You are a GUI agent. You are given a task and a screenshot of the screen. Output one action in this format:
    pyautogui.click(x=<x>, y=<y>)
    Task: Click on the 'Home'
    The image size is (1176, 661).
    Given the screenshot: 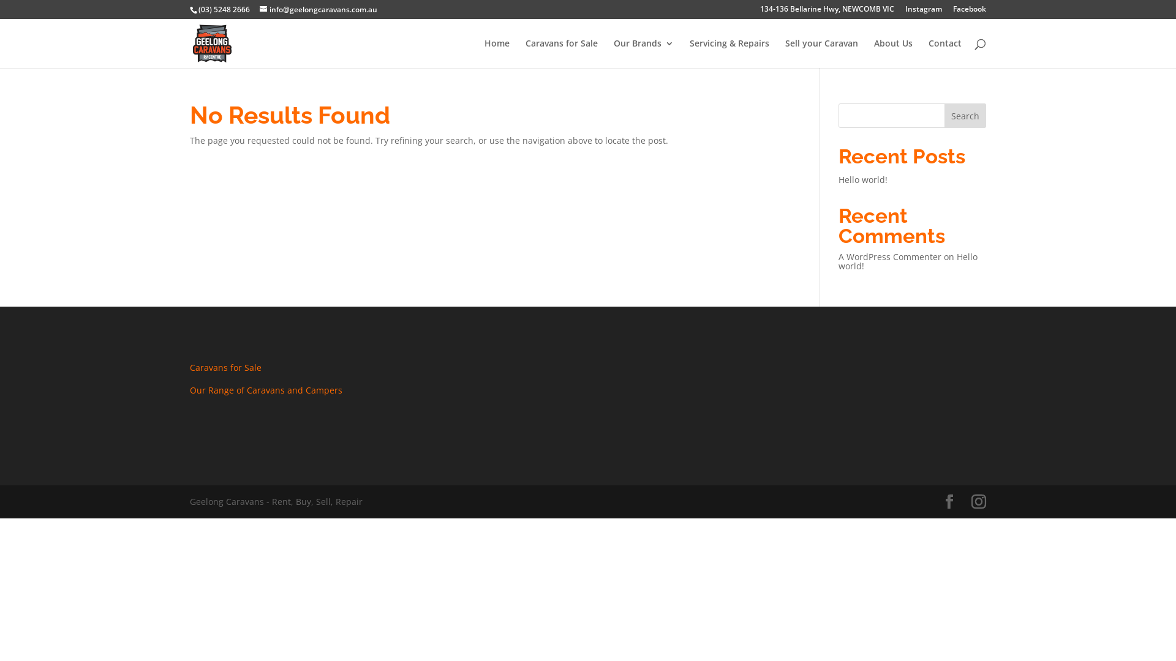 What is the action you would take?
    pyautogui.click(x=497, y=53)
    